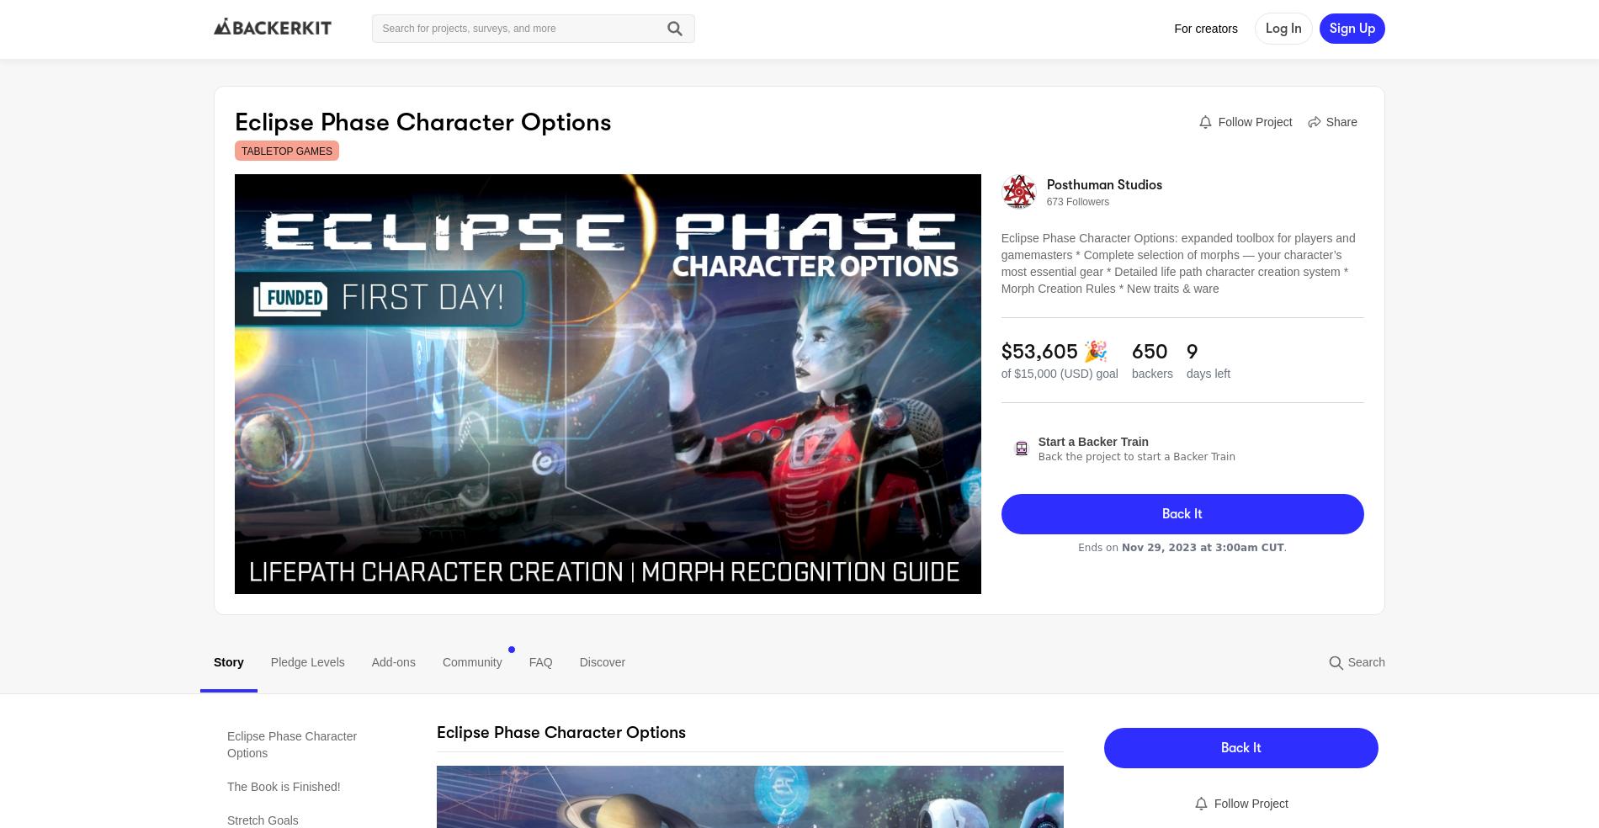 This screenshot has height=828, width=1599. What do you see at coordinates (261, 820) in the screenshot?
I see `'Stretch Goals'` at bounding box center [261, 820].